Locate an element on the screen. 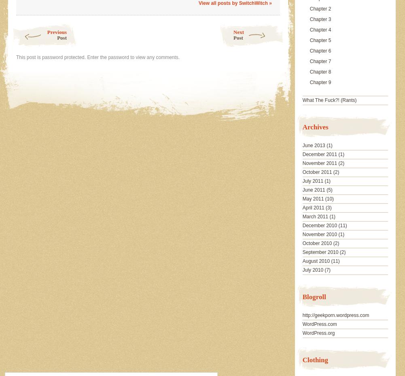 This screenshot has width=405, height=376. 'WordPress.org' is located at coordinates (318, 332).